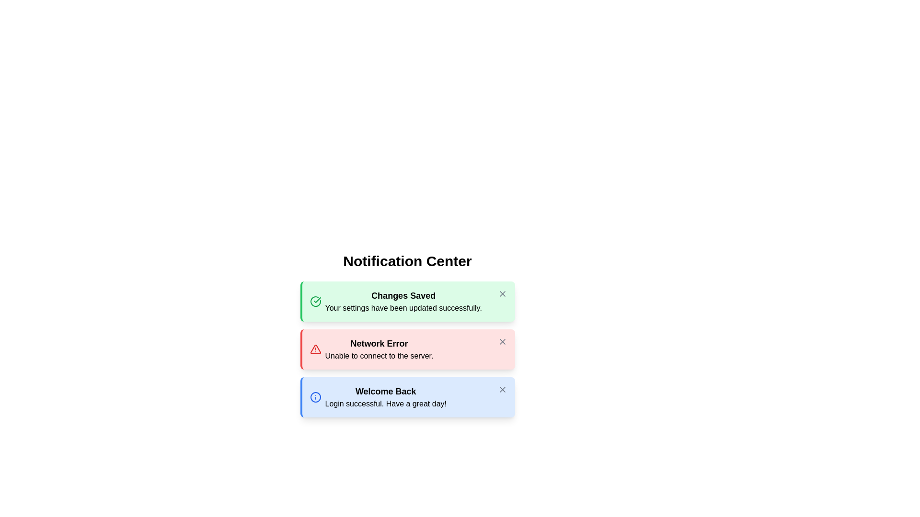 The width and height of the screenshot is (920, 517). Describe the element at coordinates (315, 349) in the screenshot. I see `the triangular red outlined caution alert icon with a red marker inside, located in the 'Network Error' notification on the left side of the text` at that location.